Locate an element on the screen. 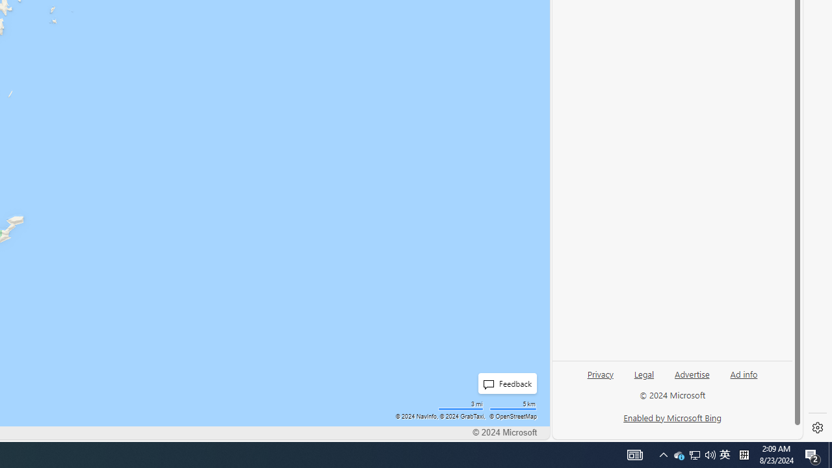 The height and width of the screenshot is (468, 832). 'Privacy' is located at coordinates (599, 373).